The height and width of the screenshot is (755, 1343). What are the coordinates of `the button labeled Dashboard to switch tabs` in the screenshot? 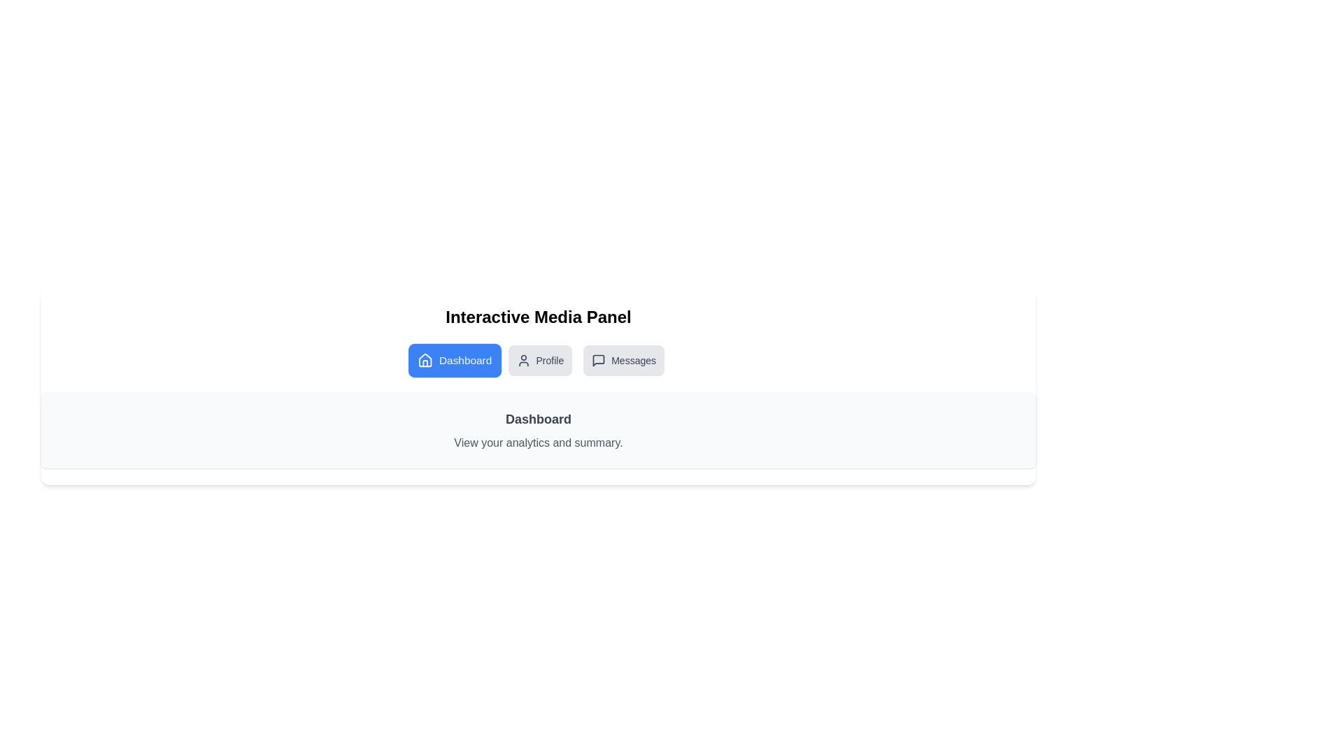 It's located at (455, 360).